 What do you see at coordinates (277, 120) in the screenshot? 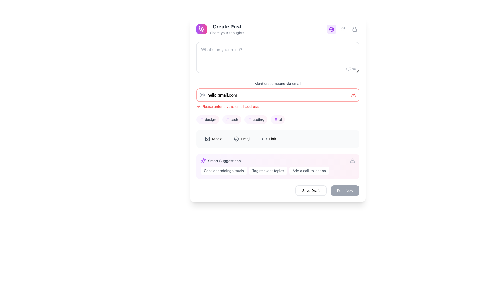
I see `the fourth tag from the left, which is a rounded rectangular tag with a gradient background from light purple to soft pink, containing a hash symbol and the text 'ui' in lowercase` at bounding box center [277, 120].